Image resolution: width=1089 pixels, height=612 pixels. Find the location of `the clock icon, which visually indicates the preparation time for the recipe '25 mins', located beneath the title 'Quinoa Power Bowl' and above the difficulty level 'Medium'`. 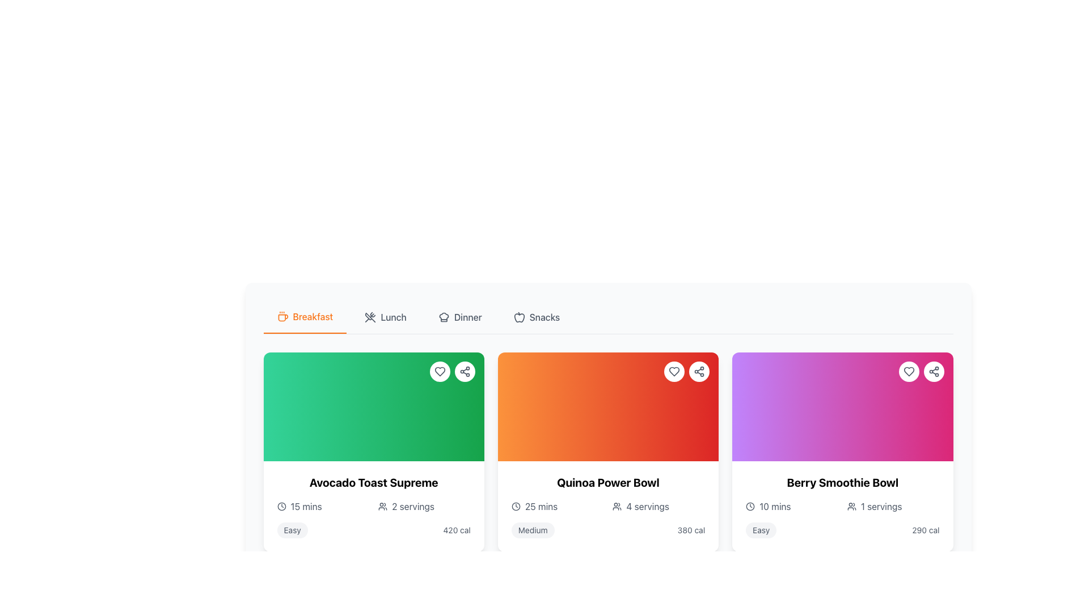

the clock icon, which visually indicates the preparation time for the recipe '25 mins', located beneath the title 'Quinoa Power Bowl' and above the difficulty level 'Medium' is located at coordinates (515, 506).